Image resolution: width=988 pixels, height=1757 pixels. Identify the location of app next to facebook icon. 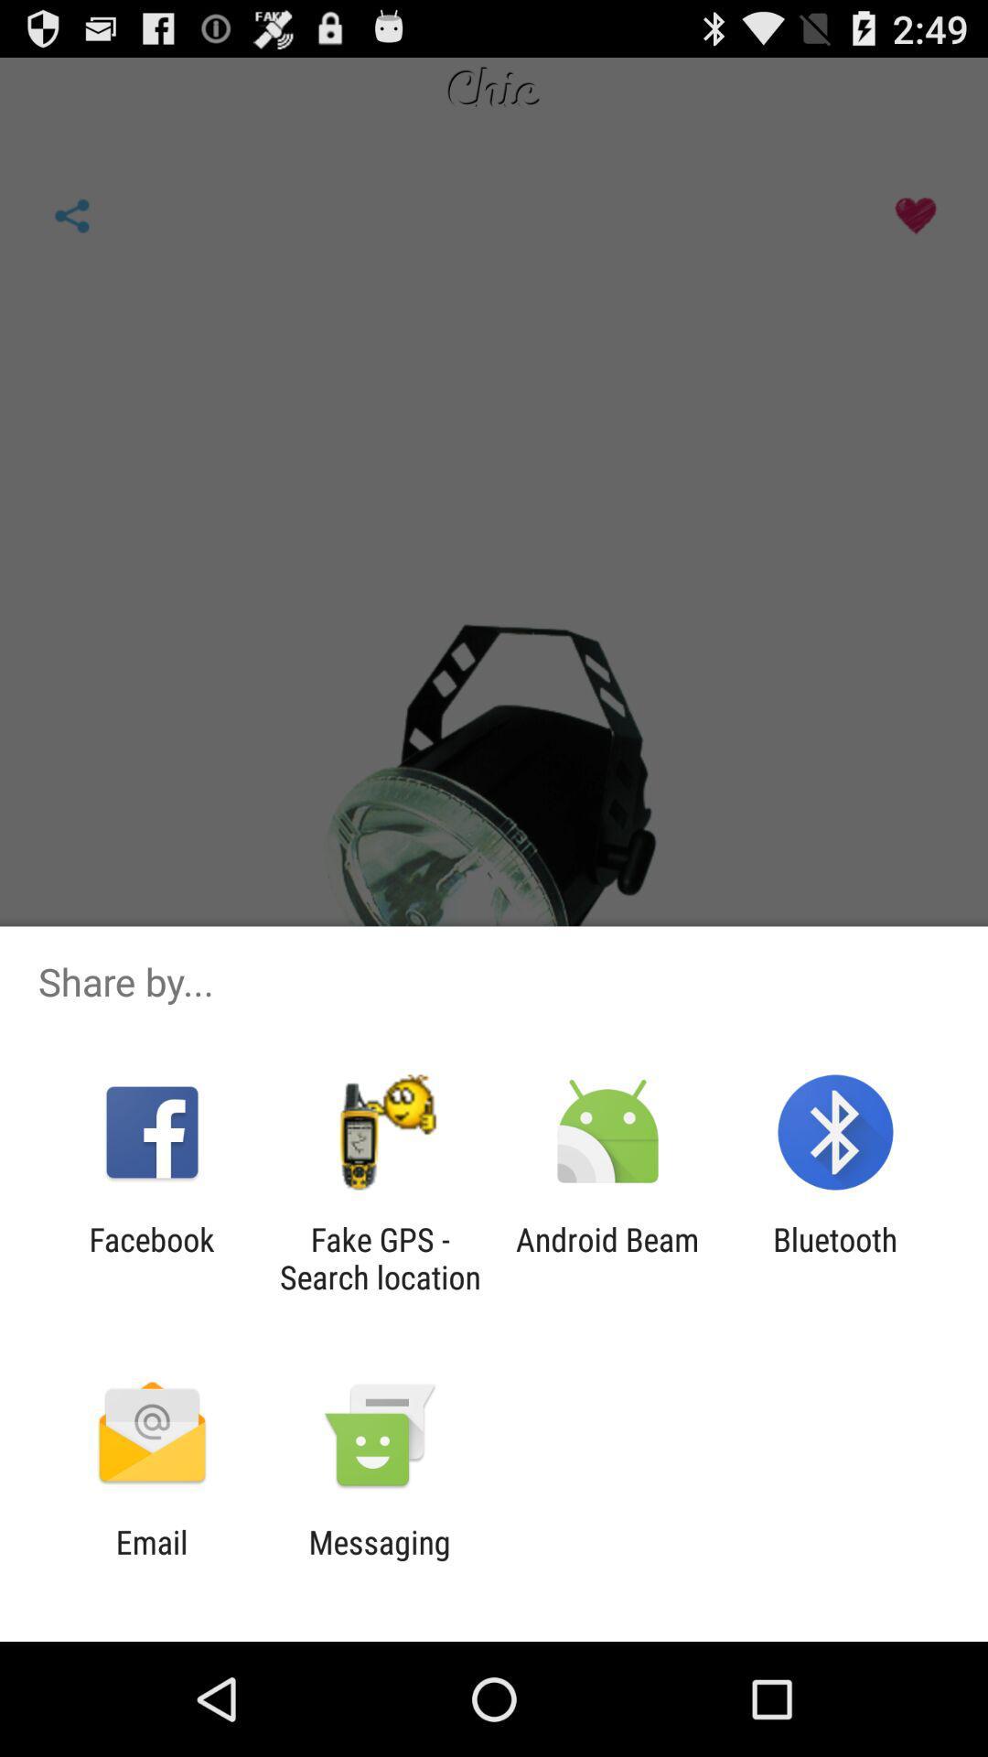
(379, 1257).